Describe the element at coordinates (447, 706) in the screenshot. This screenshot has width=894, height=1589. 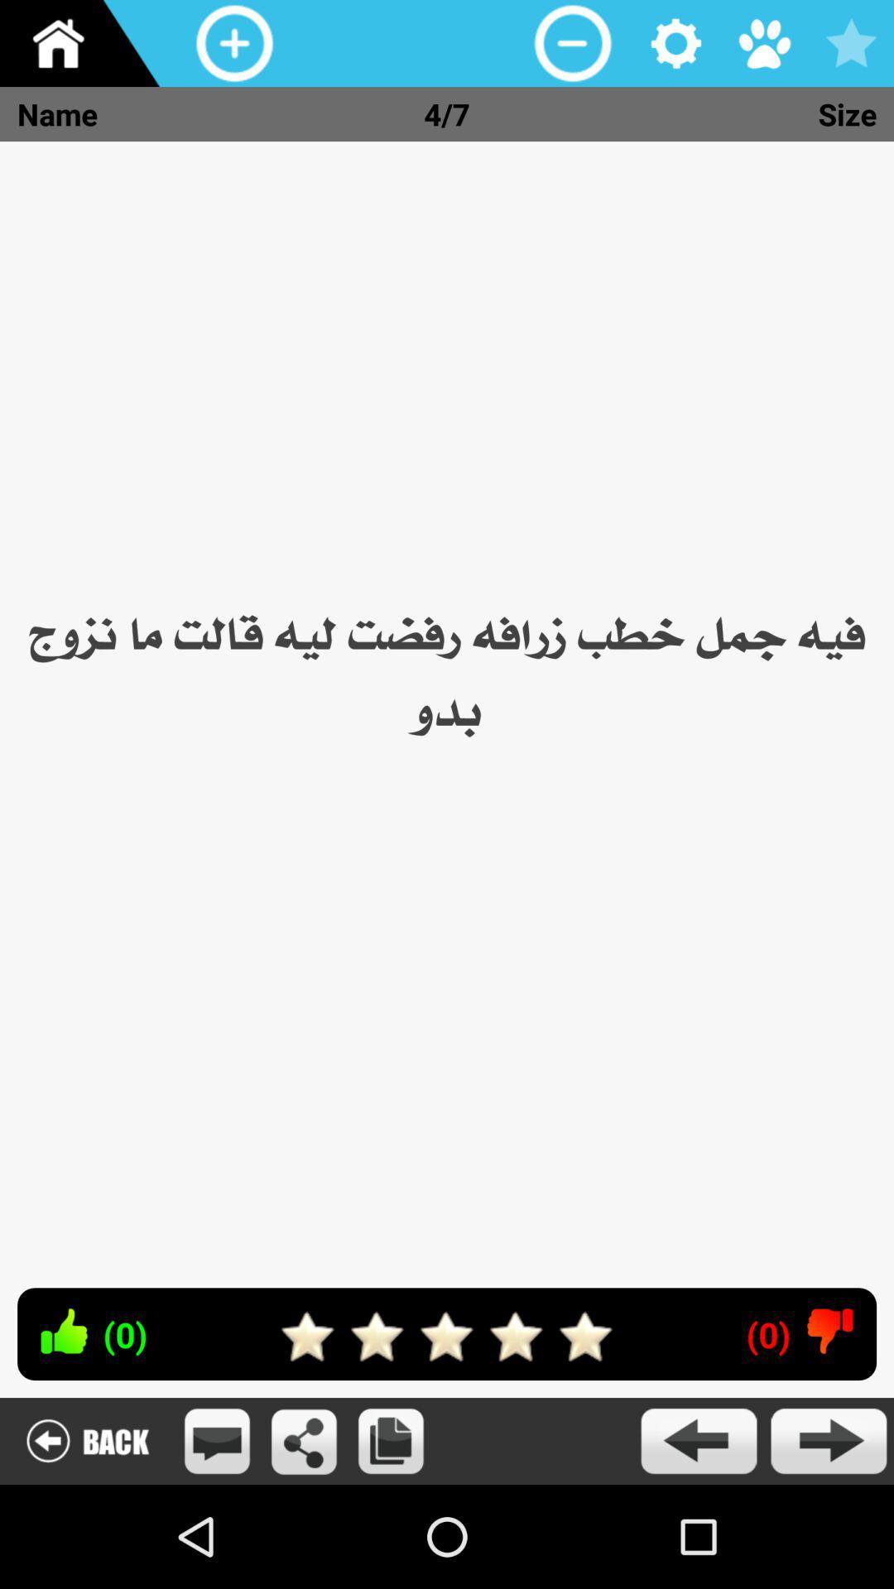
I see `item below the name` at that location.